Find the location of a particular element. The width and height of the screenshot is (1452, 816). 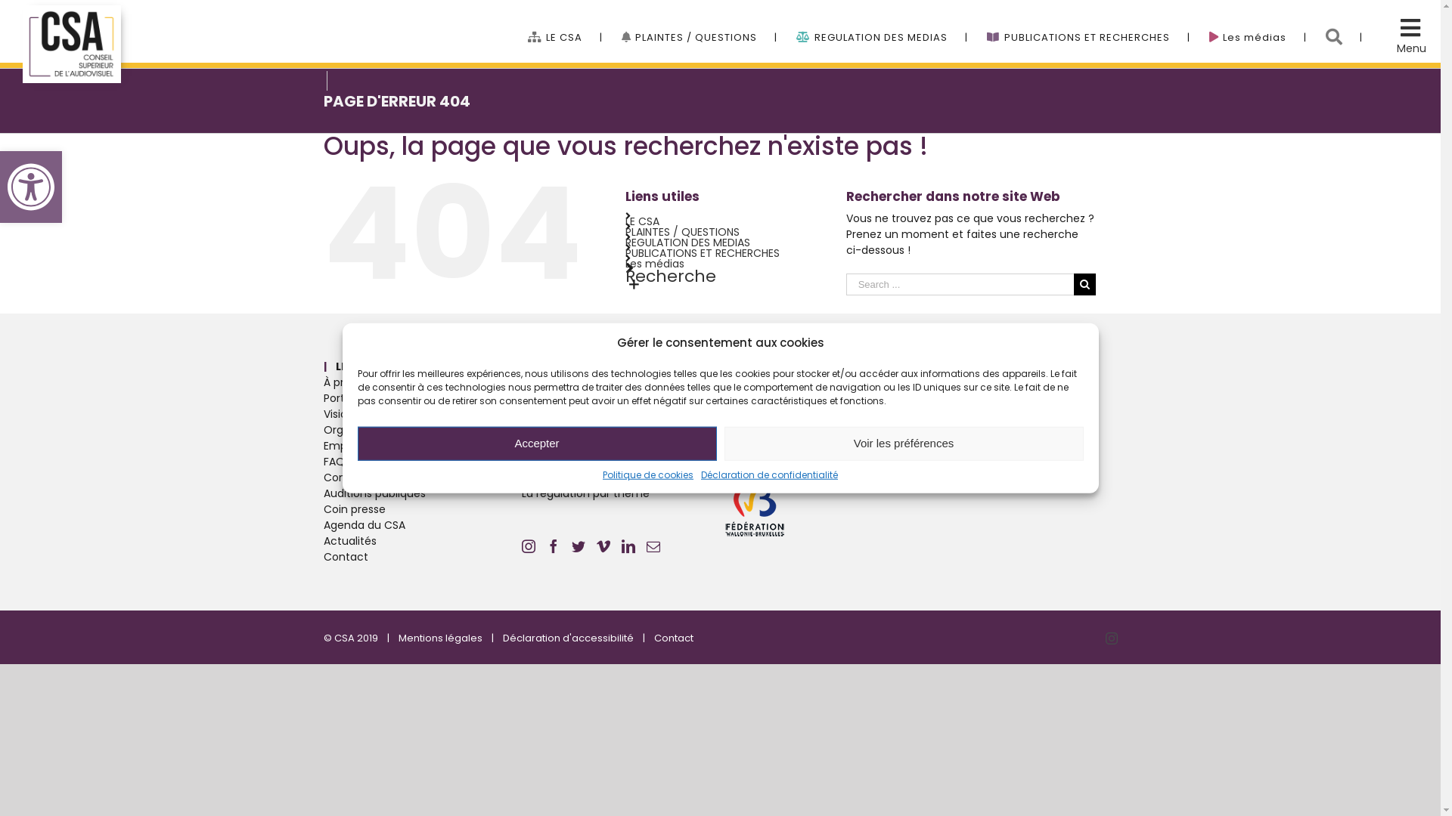

'Porter plainte' is located at coordinates (423, 397).